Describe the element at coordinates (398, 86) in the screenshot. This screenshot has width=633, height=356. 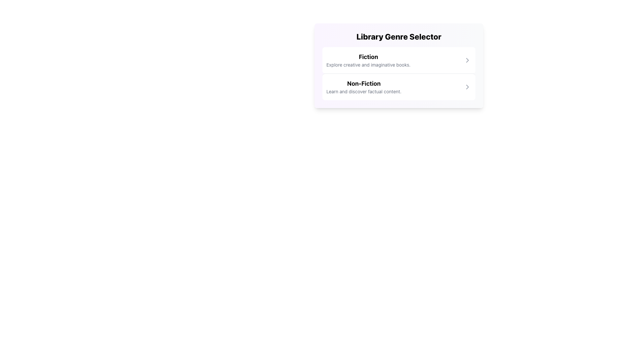
I see `the 'Non-Fiction' option in the Library Genre Selector` at that location.